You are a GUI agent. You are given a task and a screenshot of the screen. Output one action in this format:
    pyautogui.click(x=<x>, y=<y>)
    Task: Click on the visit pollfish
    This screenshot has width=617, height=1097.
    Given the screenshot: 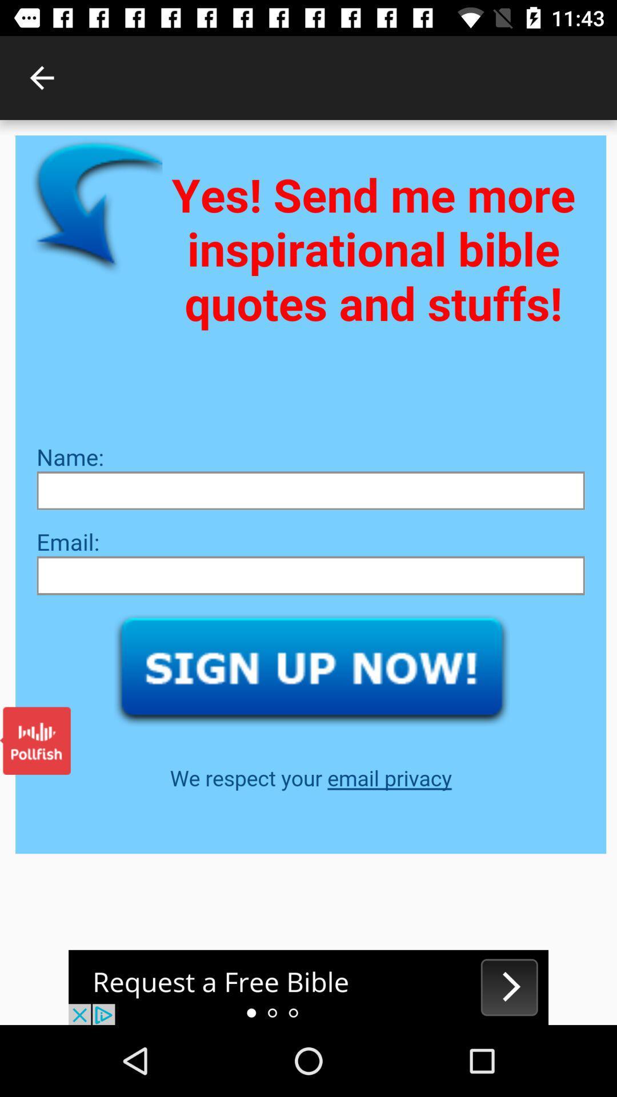 What is the action you would take?
    pyautogui.click(x=34, y=740)
    